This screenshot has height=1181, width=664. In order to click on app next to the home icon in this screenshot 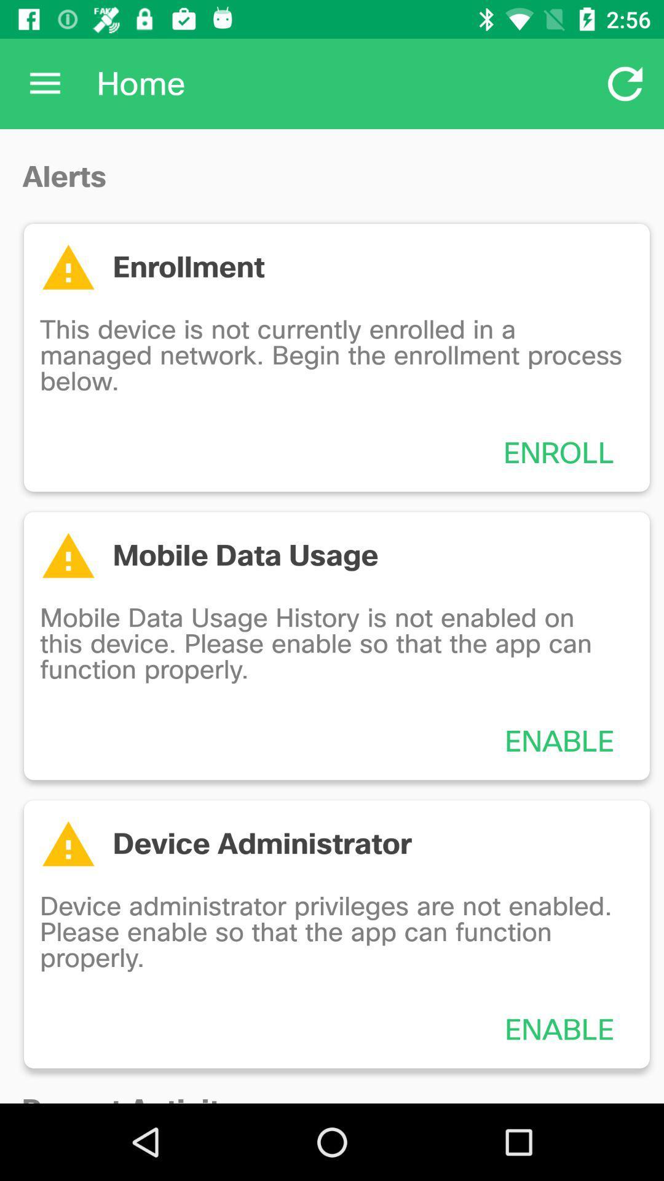, I will do `click(625, 83)`.